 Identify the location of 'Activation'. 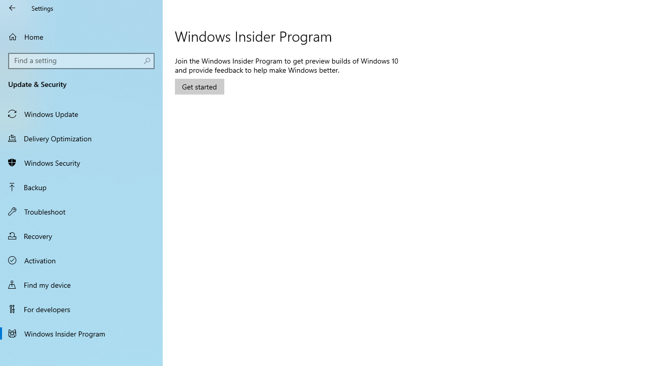
(81, 259).